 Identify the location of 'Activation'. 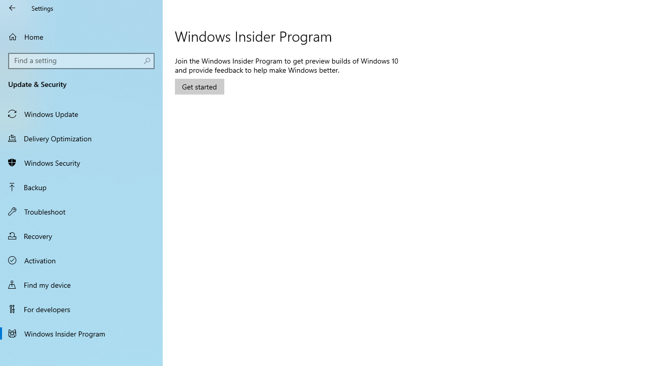
(81, 259).